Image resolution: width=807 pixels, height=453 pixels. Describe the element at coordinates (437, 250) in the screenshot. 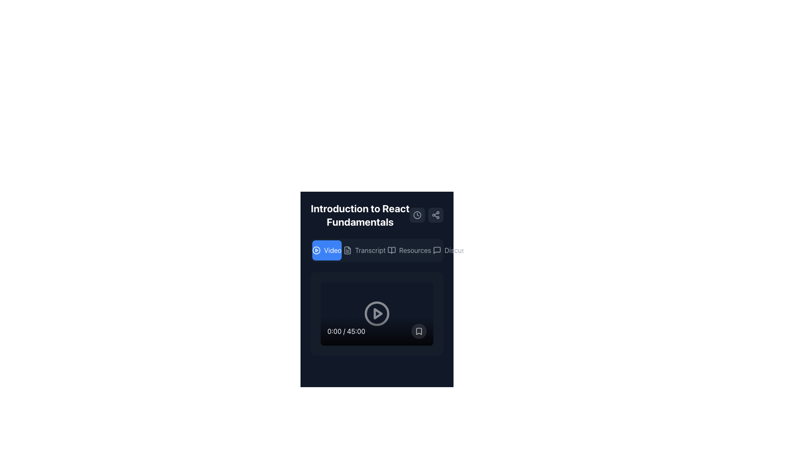

I see `the comment bubble icon located to the left of the title 'Introduction to React Fundamentals'` at that location.